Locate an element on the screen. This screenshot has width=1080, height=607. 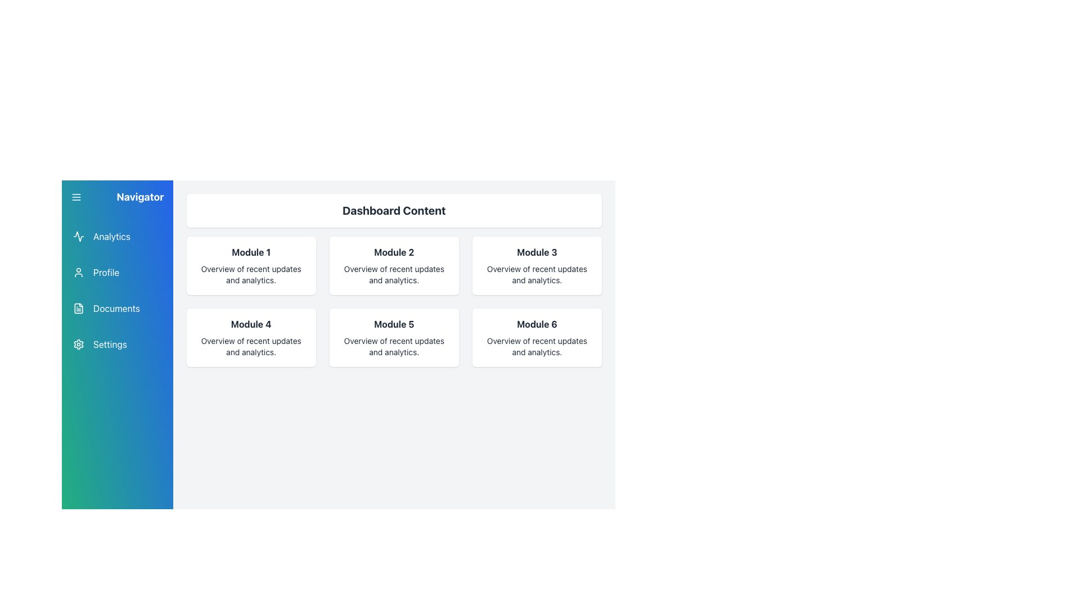
the graphical icon resembling a sheet of paper with textual lines in the 'Documents' navigation group on the left sidebar is located at coordinates (78, 308).